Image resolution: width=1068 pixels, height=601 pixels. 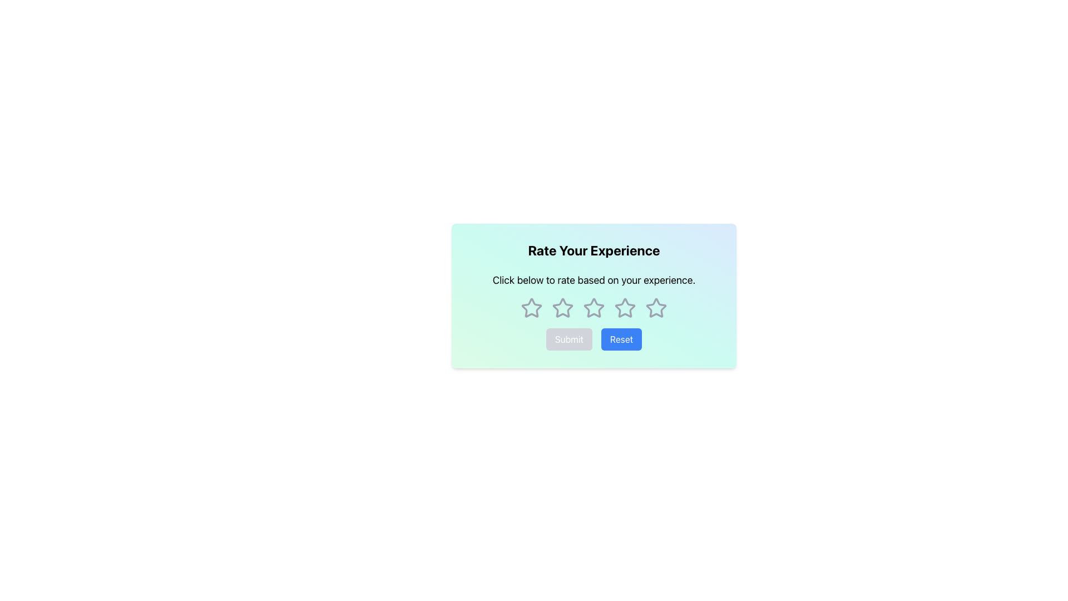 What do you see at coordinates (625, 307) in the screenshot?
I see `the fourth star icon` at bounding box center [625, 307].